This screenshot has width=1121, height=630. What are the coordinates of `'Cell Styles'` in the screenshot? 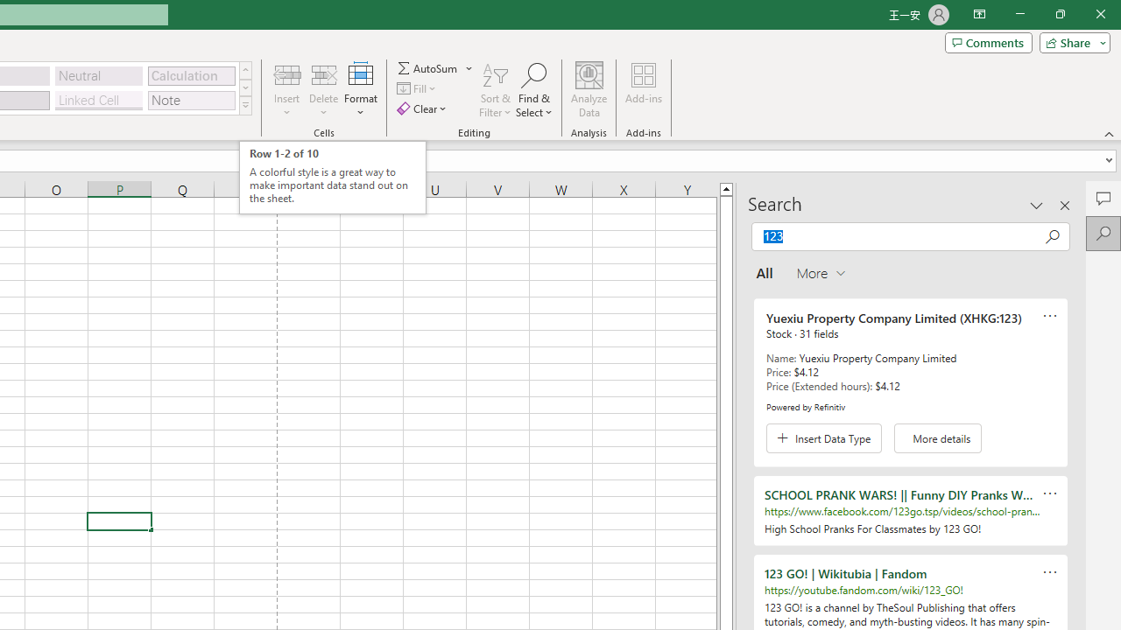 It's located at (244, 105).